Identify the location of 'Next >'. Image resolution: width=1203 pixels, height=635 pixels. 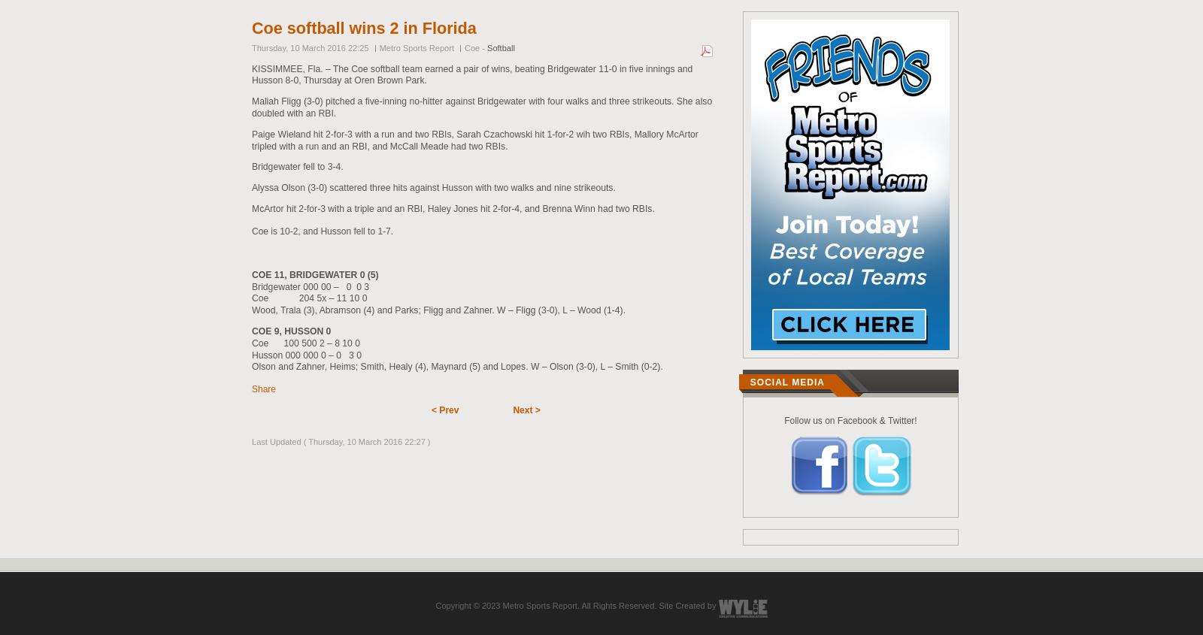
(526, 410).